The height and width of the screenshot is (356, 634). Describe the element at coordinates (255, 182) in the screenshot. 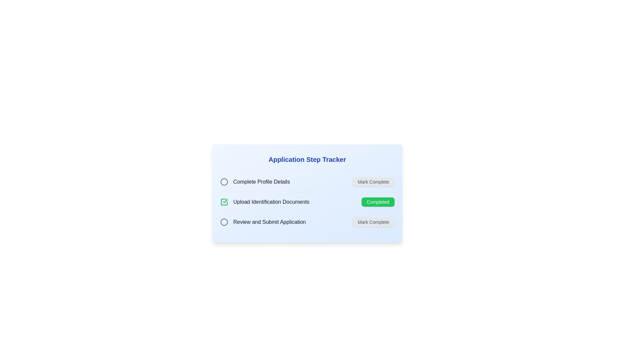

I see `the step label indicating the current task in the step tracker interface, which is the first item in the top row` at that location.